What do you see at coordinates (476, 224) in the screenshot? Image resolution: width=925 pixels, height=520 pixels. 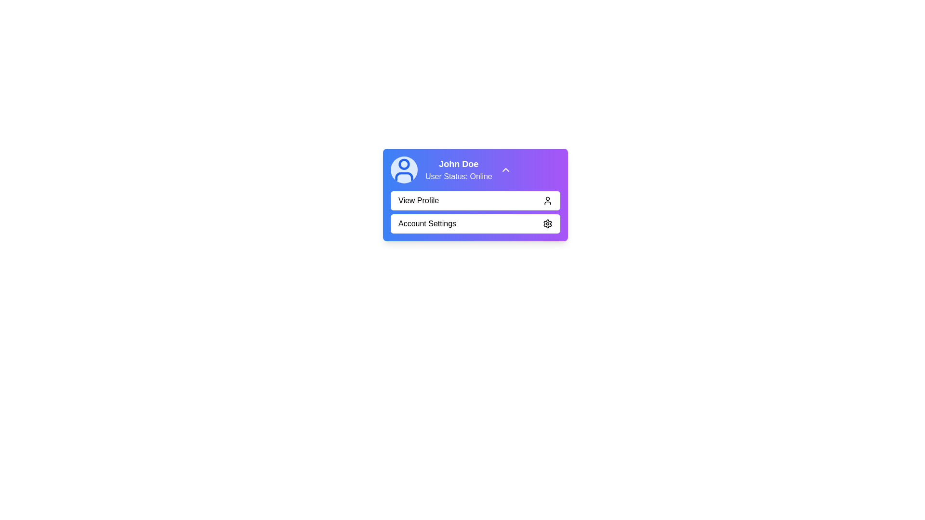 I see `the account settings button located directly below the 'View Profile' button in the dropdown menu` at bounding box center [476, 224].